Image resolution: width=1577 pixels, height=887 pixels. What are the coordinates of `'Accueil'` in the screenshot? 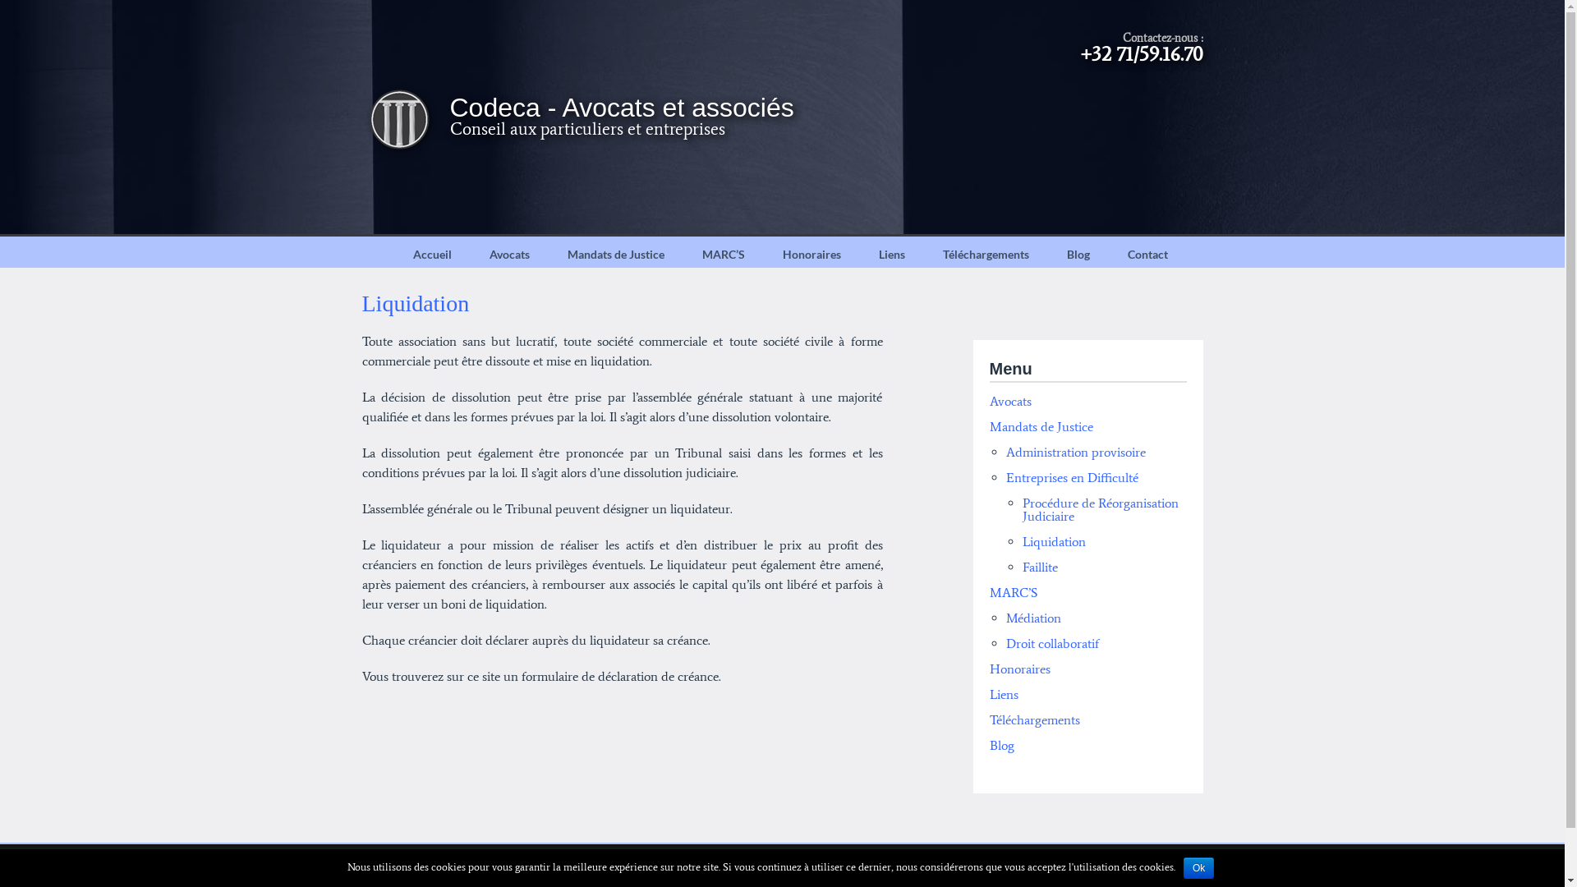 It's located at (432, 254).